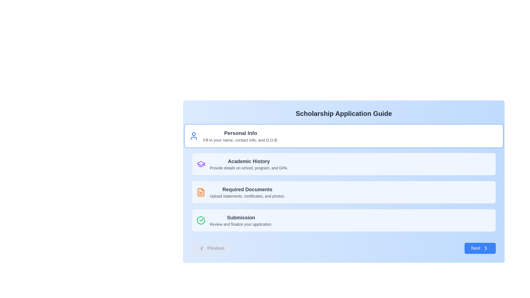  Describe the element at coordinates (241, 220) in the screenshot. I see `descriptive label for the 'Submission' step located in the bottom section of the fourth card in the vertical list of application steps, below 'Required Documents'` at that location.